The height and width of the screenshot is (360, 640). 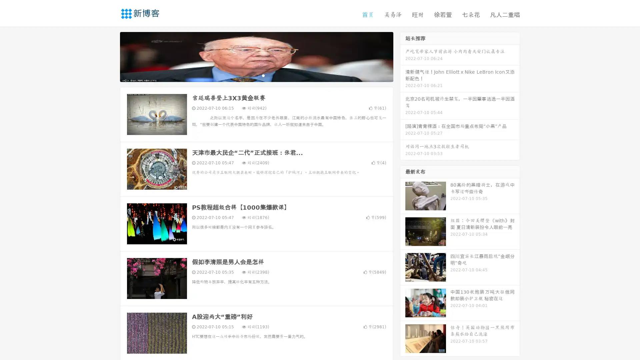 What do you see at coordinates (403, 56) in the screenshot?
I see `Next slide` at bounding box center [403, 56].